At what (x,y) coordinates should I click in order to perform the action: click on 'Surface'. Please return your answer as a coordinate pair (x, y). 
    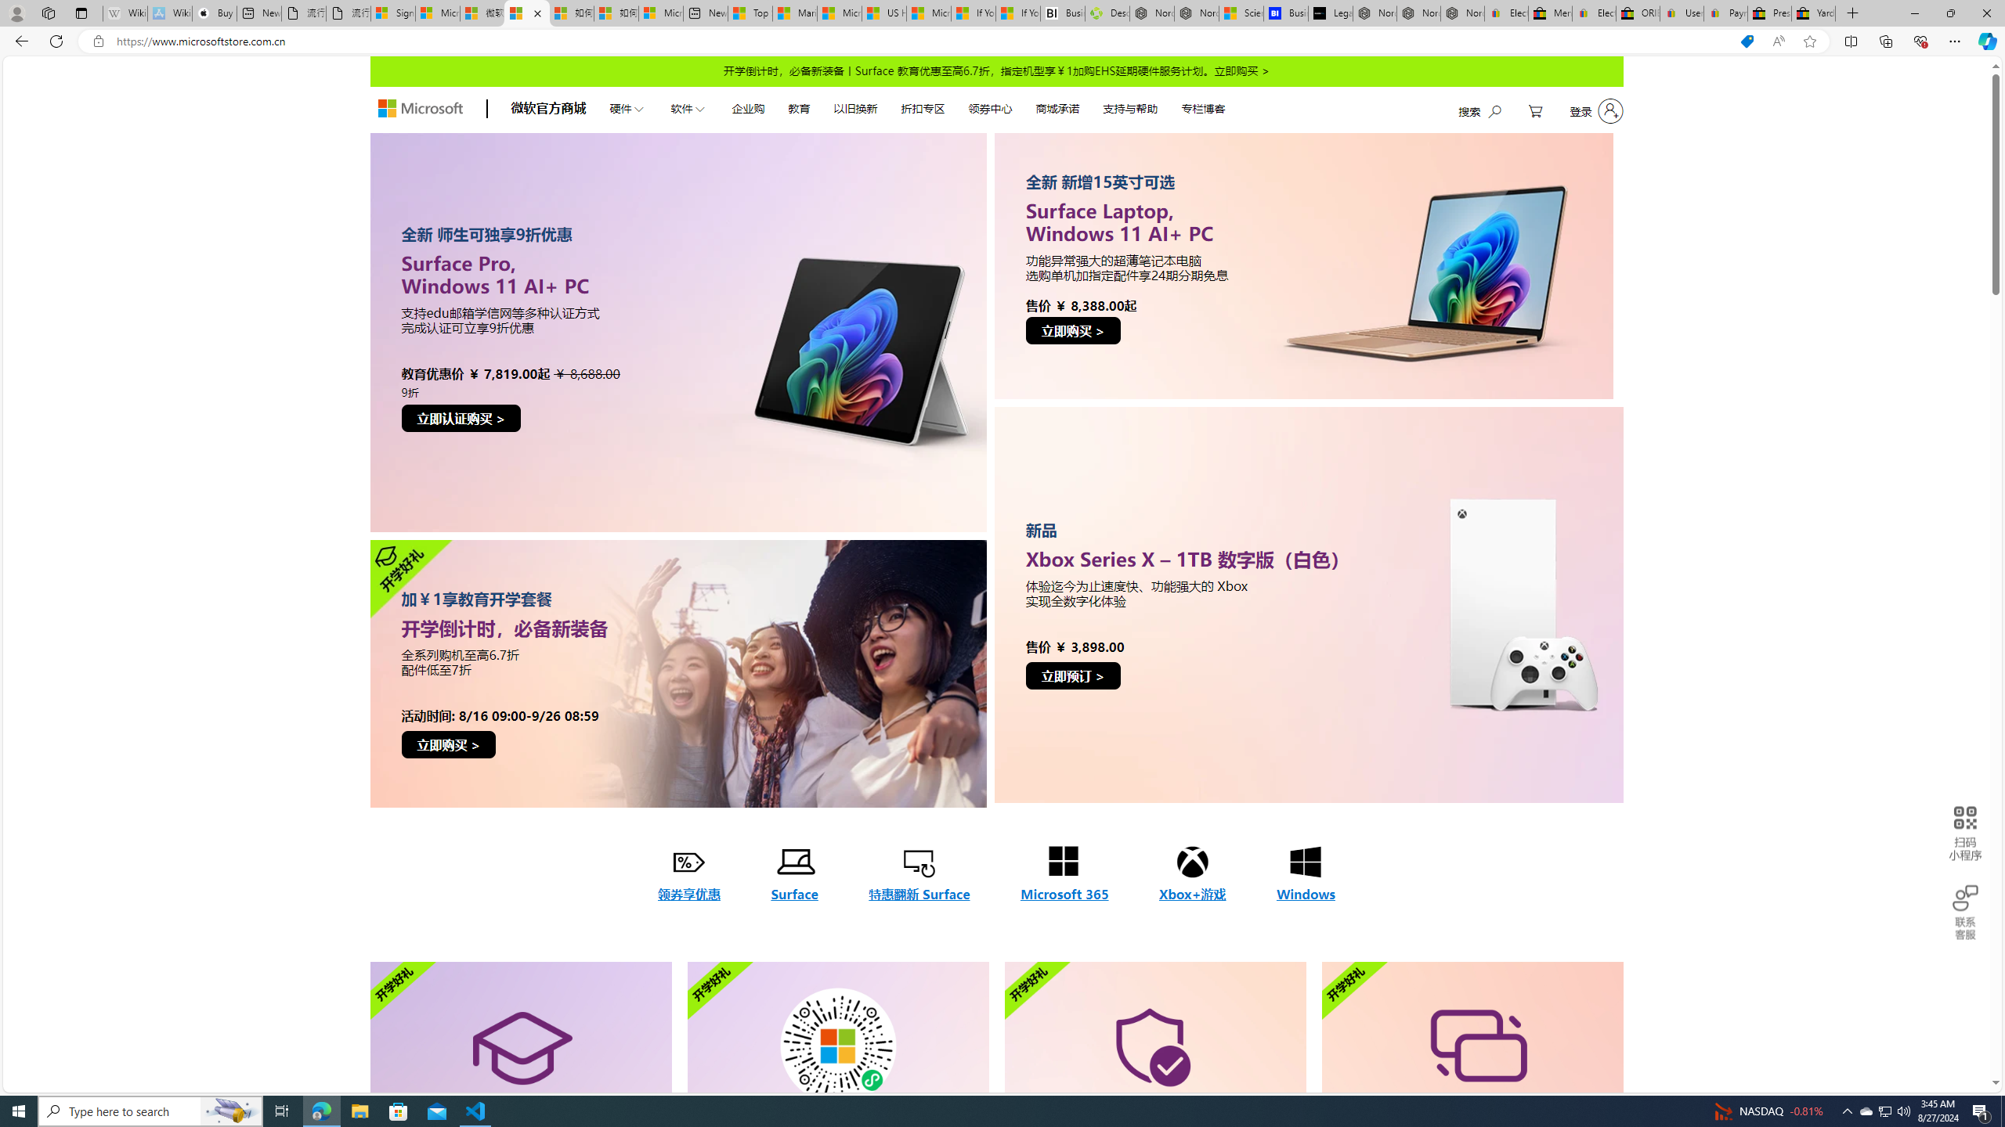
    Looking at the image, I should click on (793, 875).